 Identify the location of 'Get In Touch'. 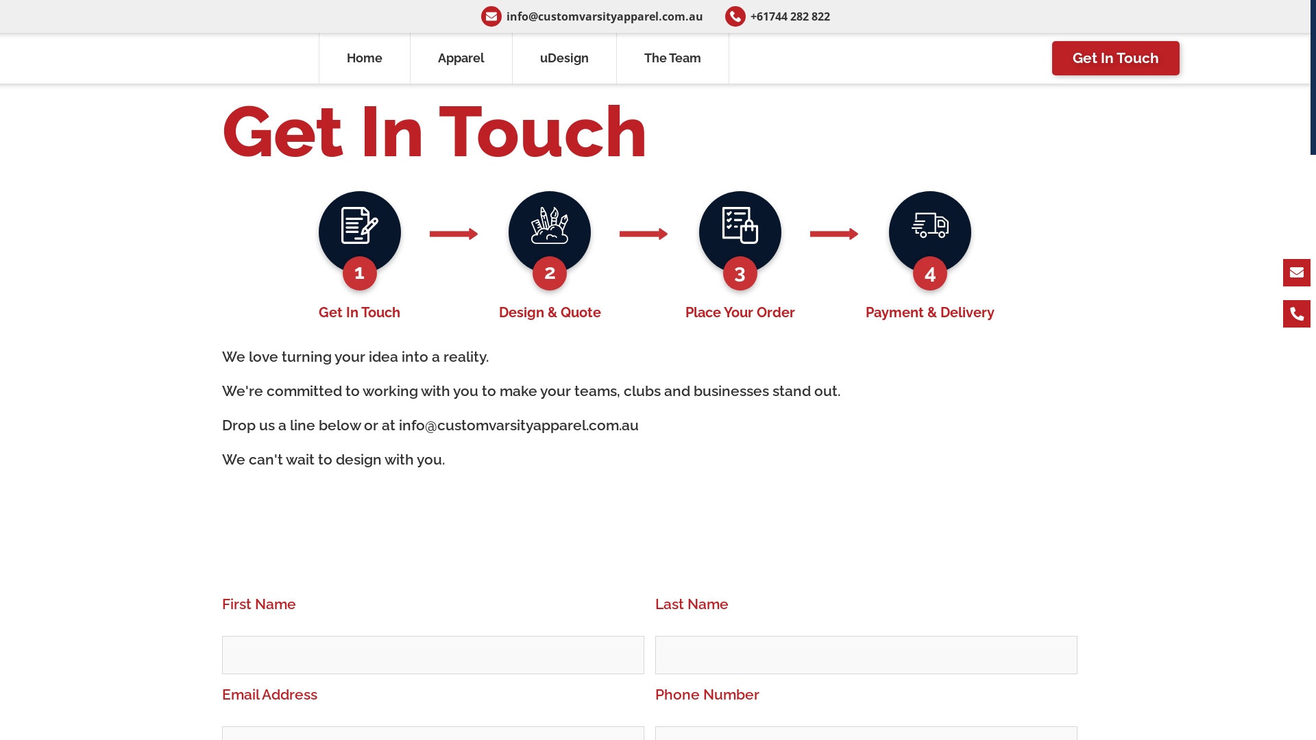
(1051, 57).